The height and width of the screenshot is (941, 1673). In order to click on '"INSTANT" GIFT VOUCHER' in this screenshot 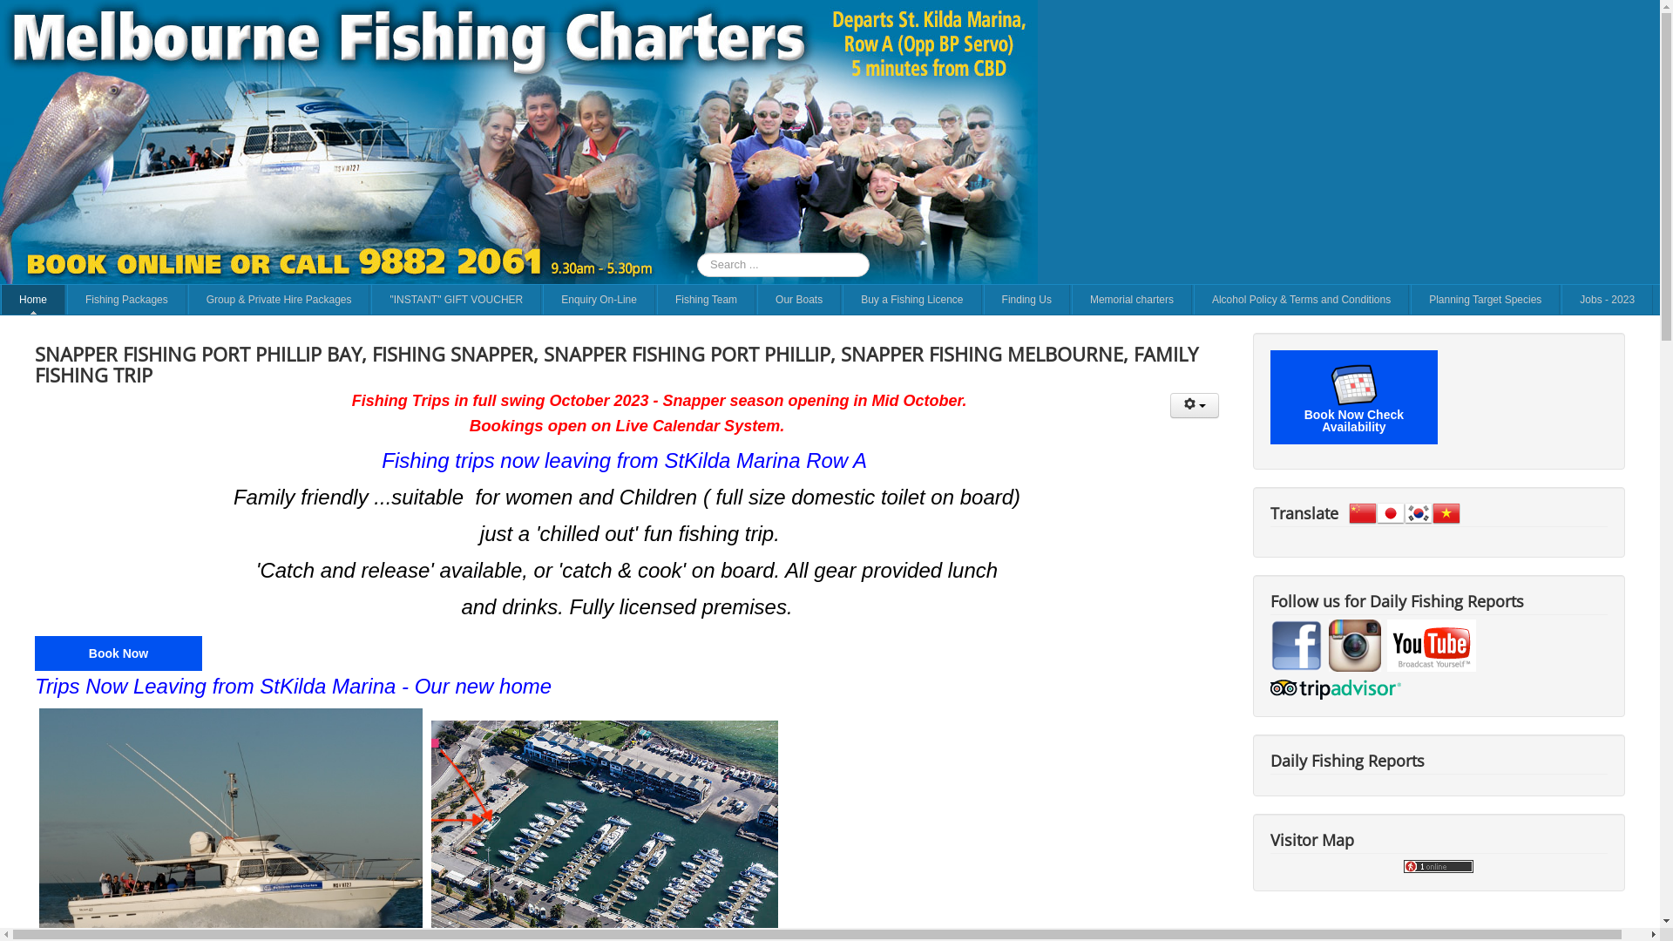, I will do `click(456, 298)`.